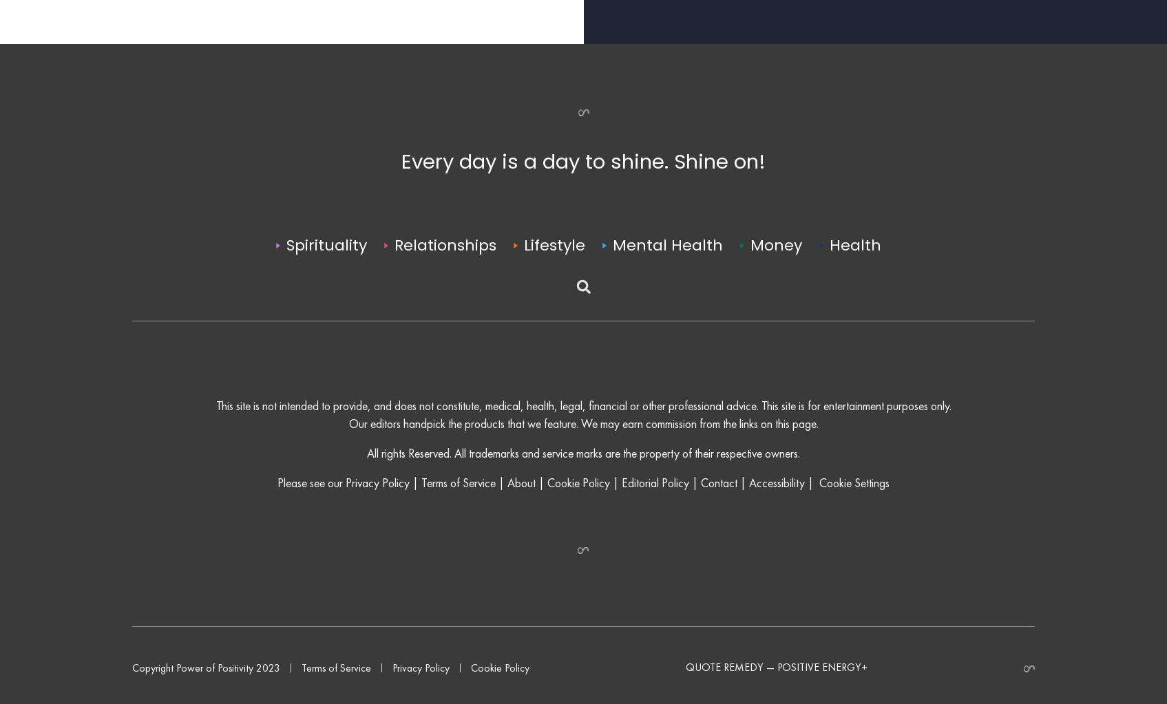 The width and height of the screenshot is (1167, 704). Describe the element at coordinates (521, 512) in the screenshot. I see `'About'` at that location.